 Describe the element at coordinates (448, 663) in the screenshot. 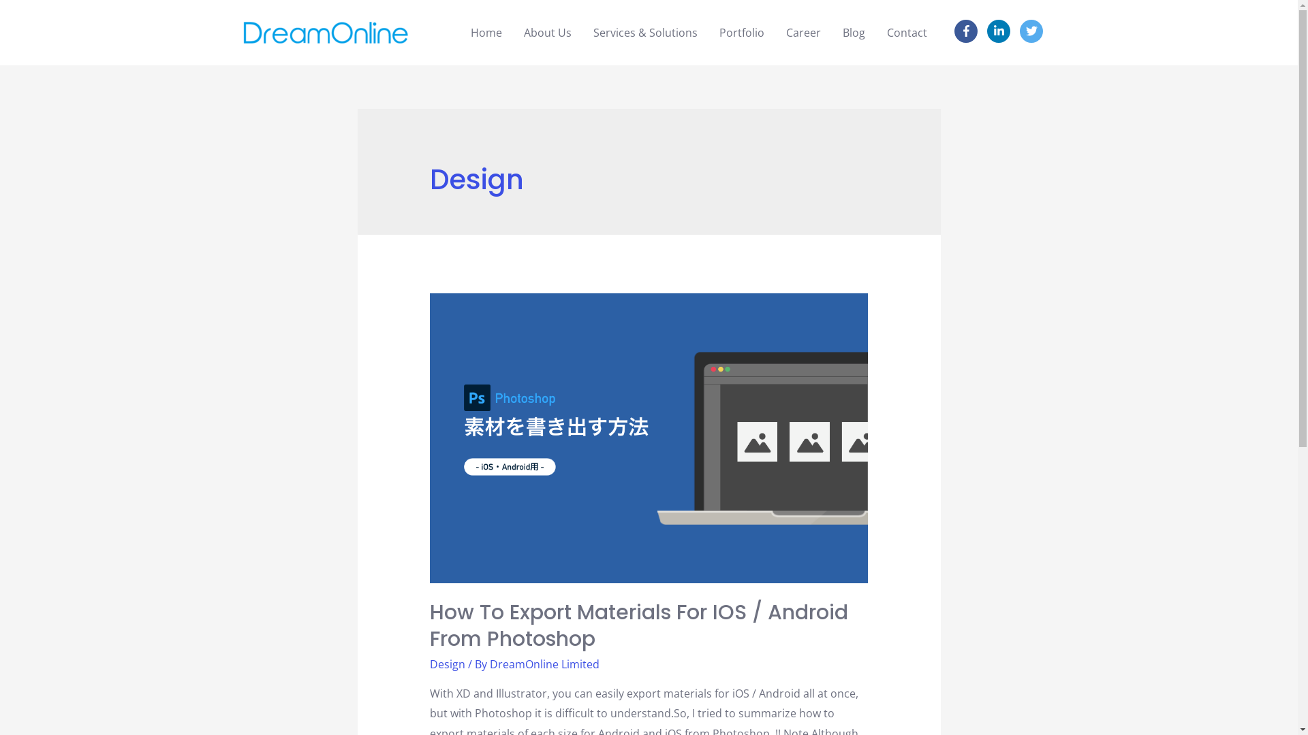

I see `'Design'` at that location.